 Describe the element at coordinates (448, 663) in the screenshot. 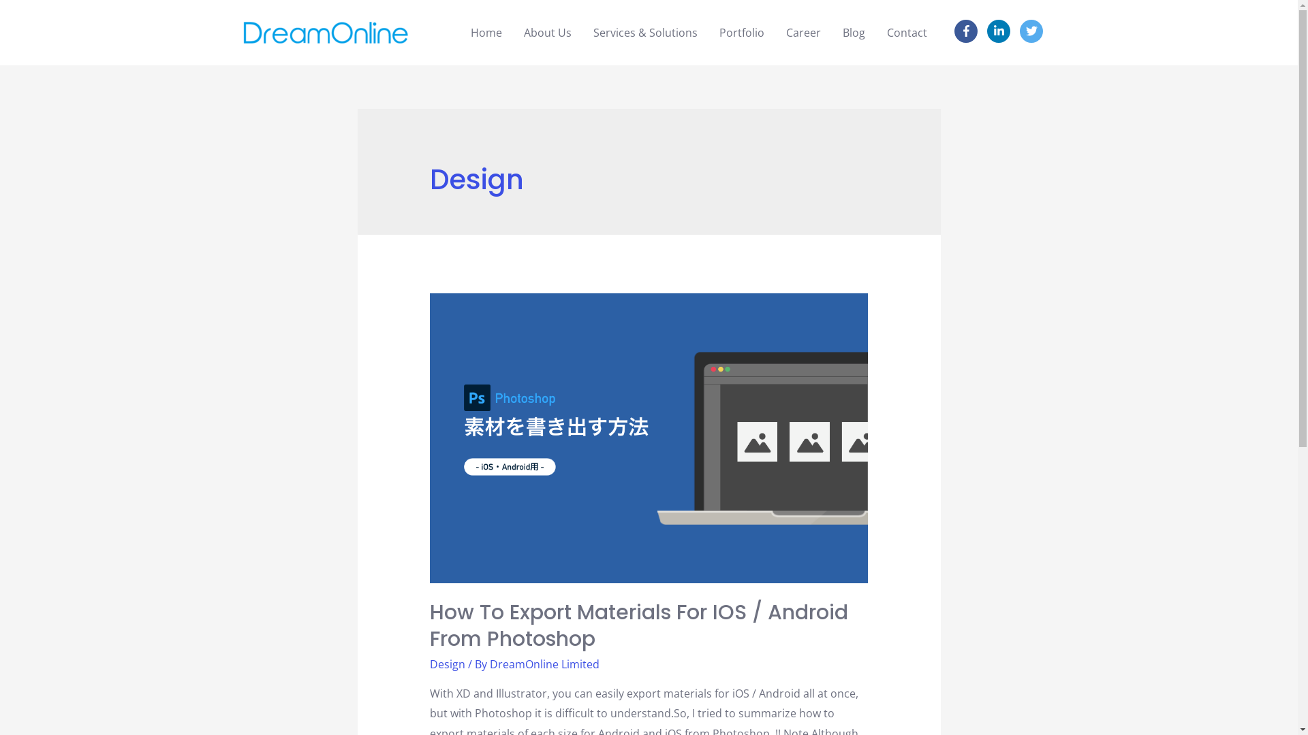

I see `'Design'` at that location.